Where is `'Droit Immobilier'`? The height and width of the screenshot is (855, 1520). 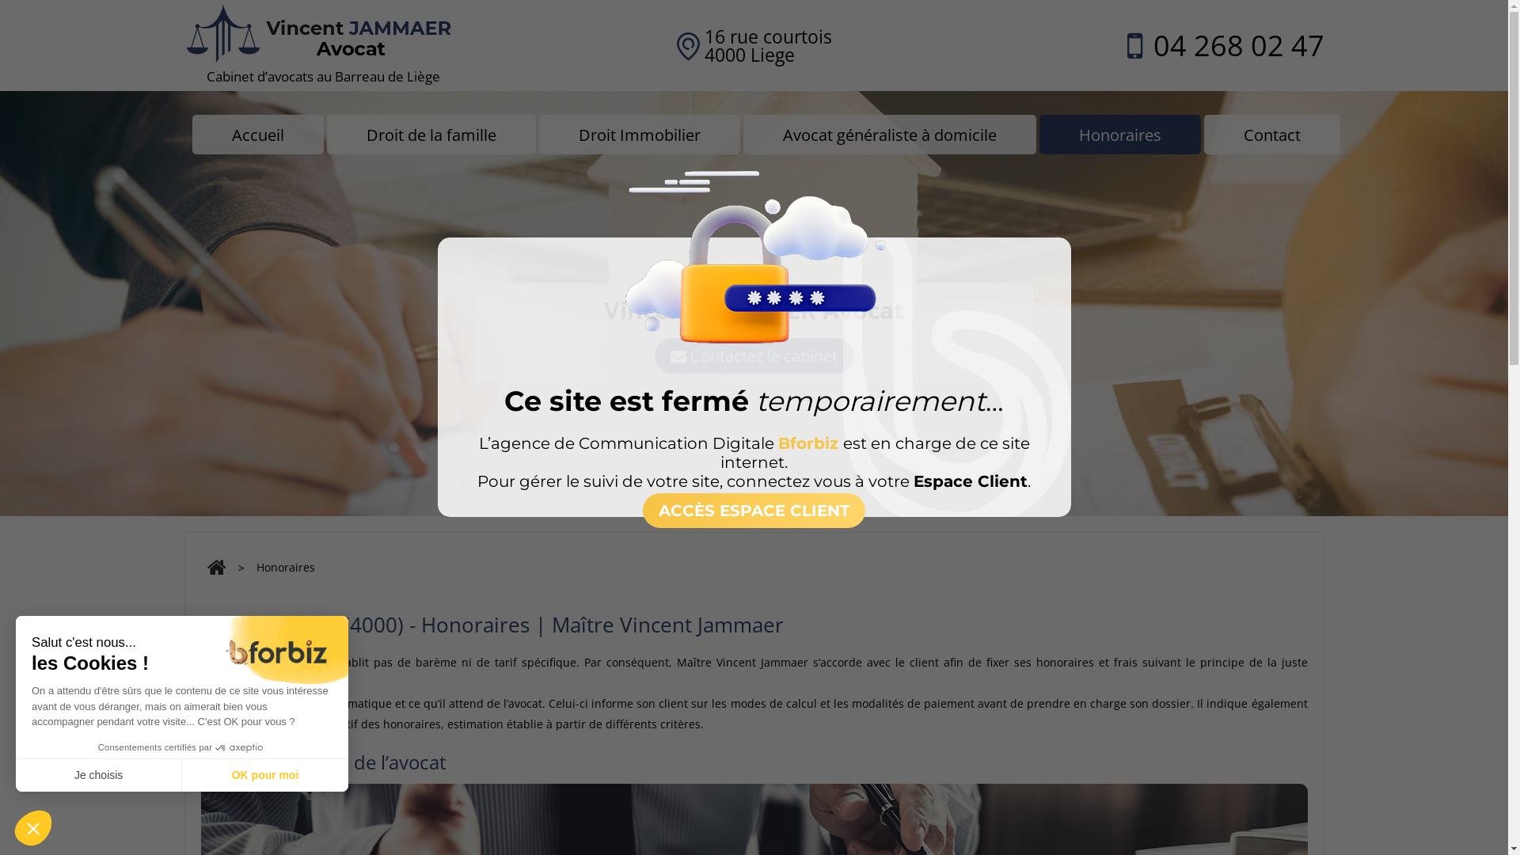 'Droit Immobilier' is located at coordinates (538, 133).